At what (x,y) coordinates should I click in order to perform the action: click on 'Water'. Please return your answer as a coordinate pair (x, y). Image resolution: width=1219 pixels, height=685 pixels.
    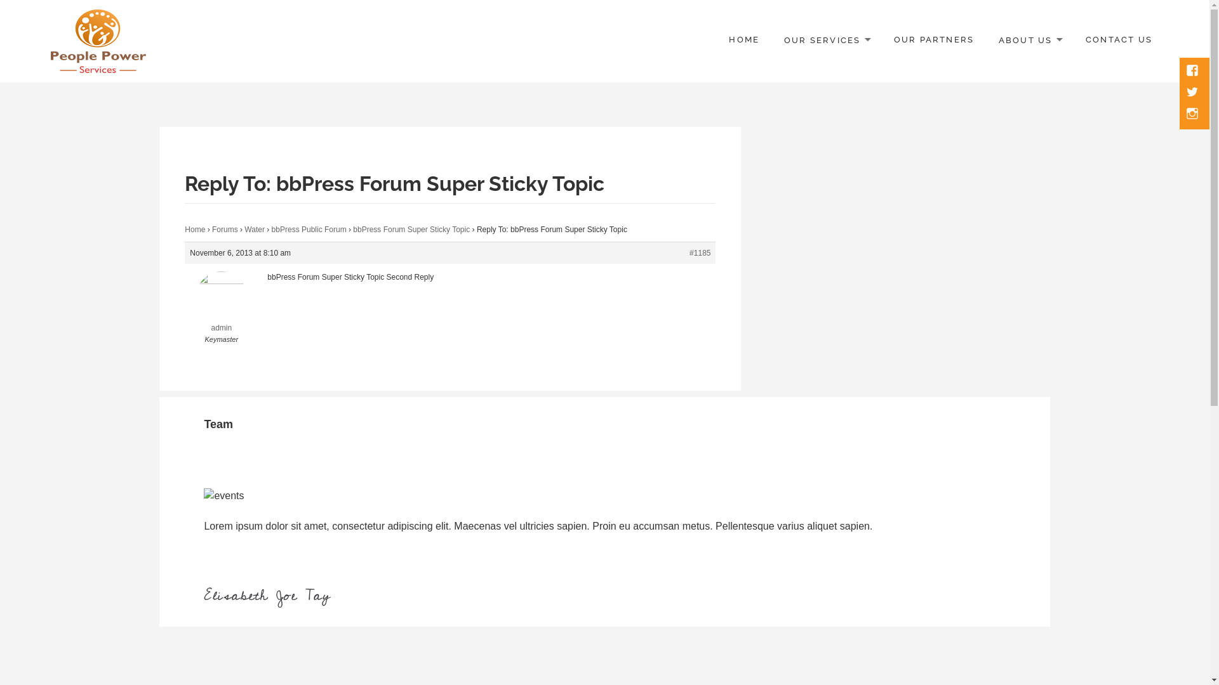
    Looking at the image, I should click on (254, 230).